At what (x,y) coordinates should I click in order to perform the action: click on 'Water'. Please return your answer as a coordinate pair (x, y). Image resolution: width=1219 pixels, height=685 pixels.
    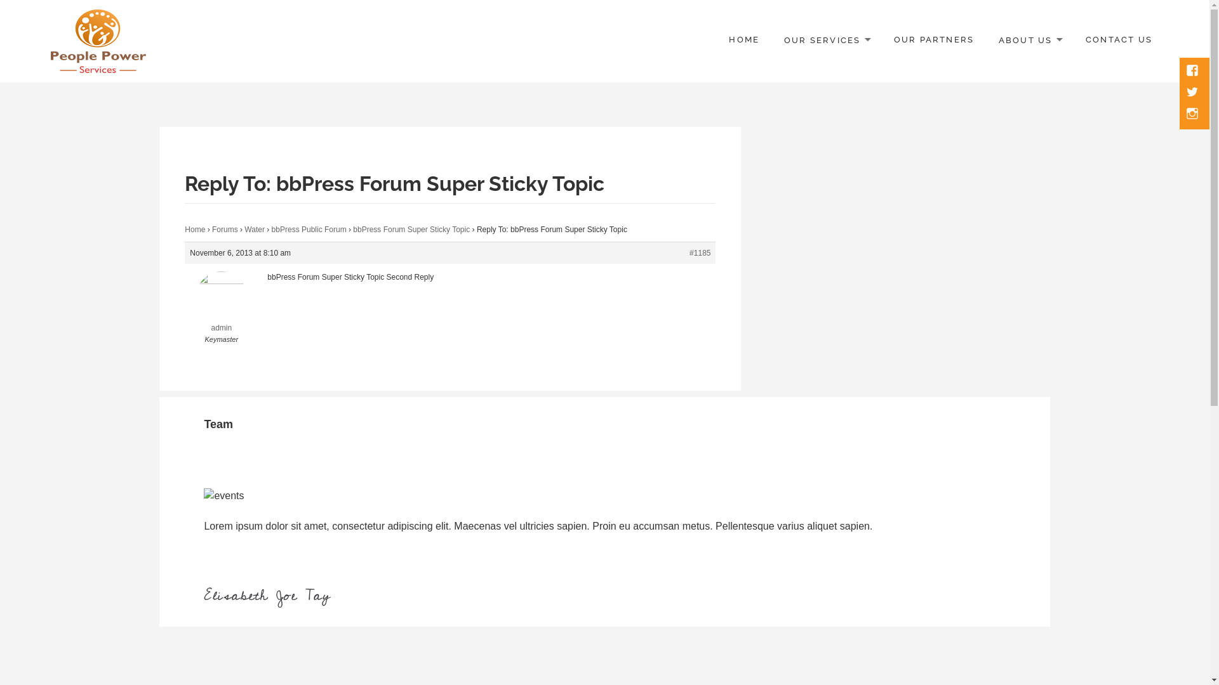
    Looking at the image, I should click on (254, 230).